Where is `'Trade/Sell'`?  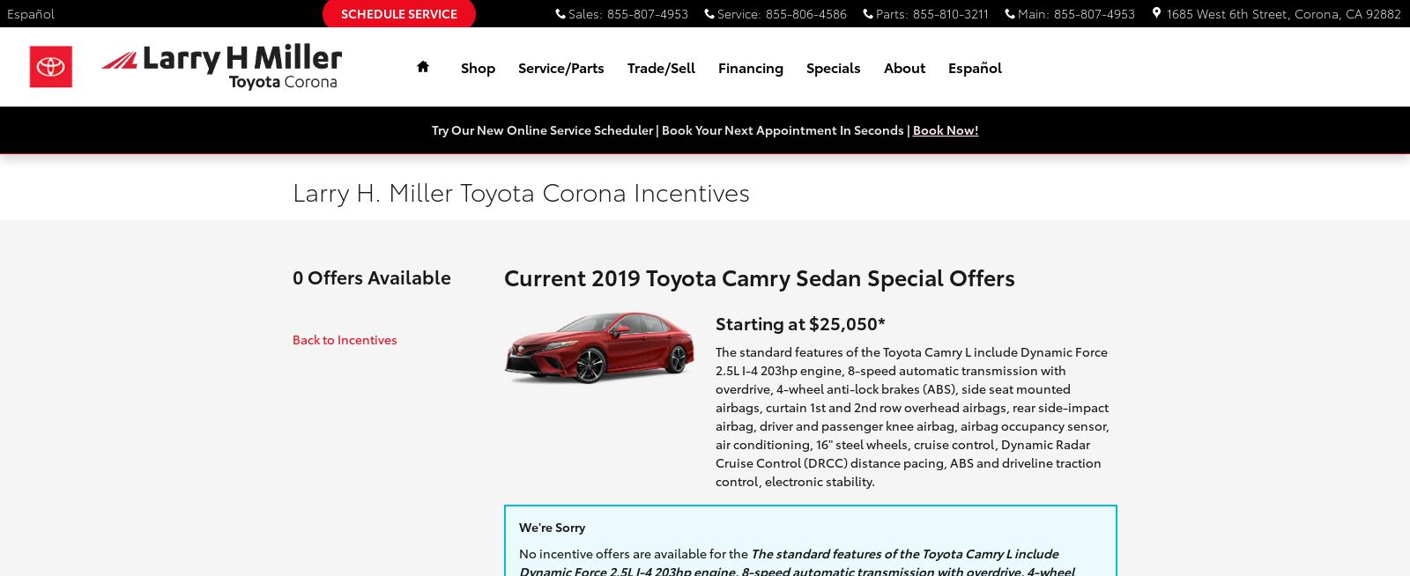
'Trade/Sell' is located at coordinates (661, 65).